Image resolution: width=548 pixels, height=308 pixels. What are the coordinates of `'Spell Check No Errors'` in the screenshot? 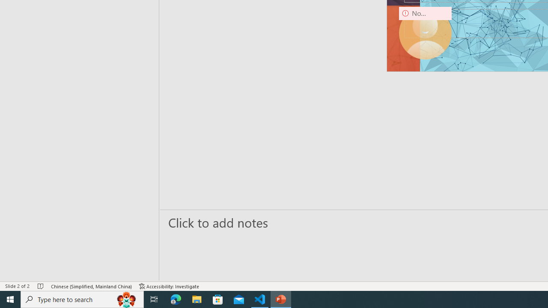 It's located at (41, 286).